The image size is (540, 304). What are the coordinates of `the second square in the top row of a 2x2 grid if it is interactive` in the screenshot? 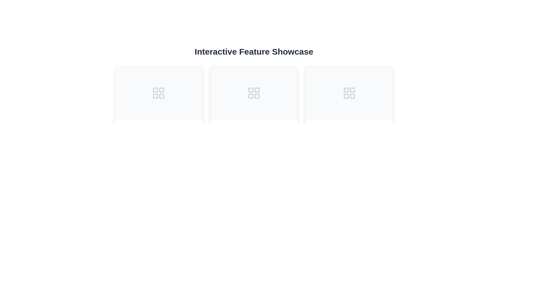 It's located at (352, 90).